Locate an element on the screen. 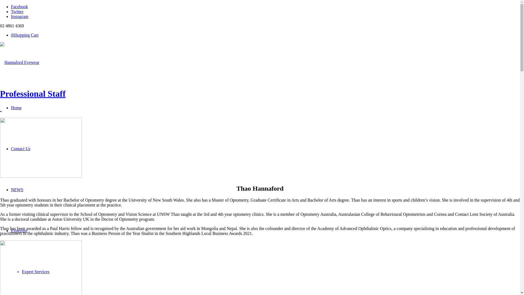  'Expert Services' is located at coordinates (22, 272).